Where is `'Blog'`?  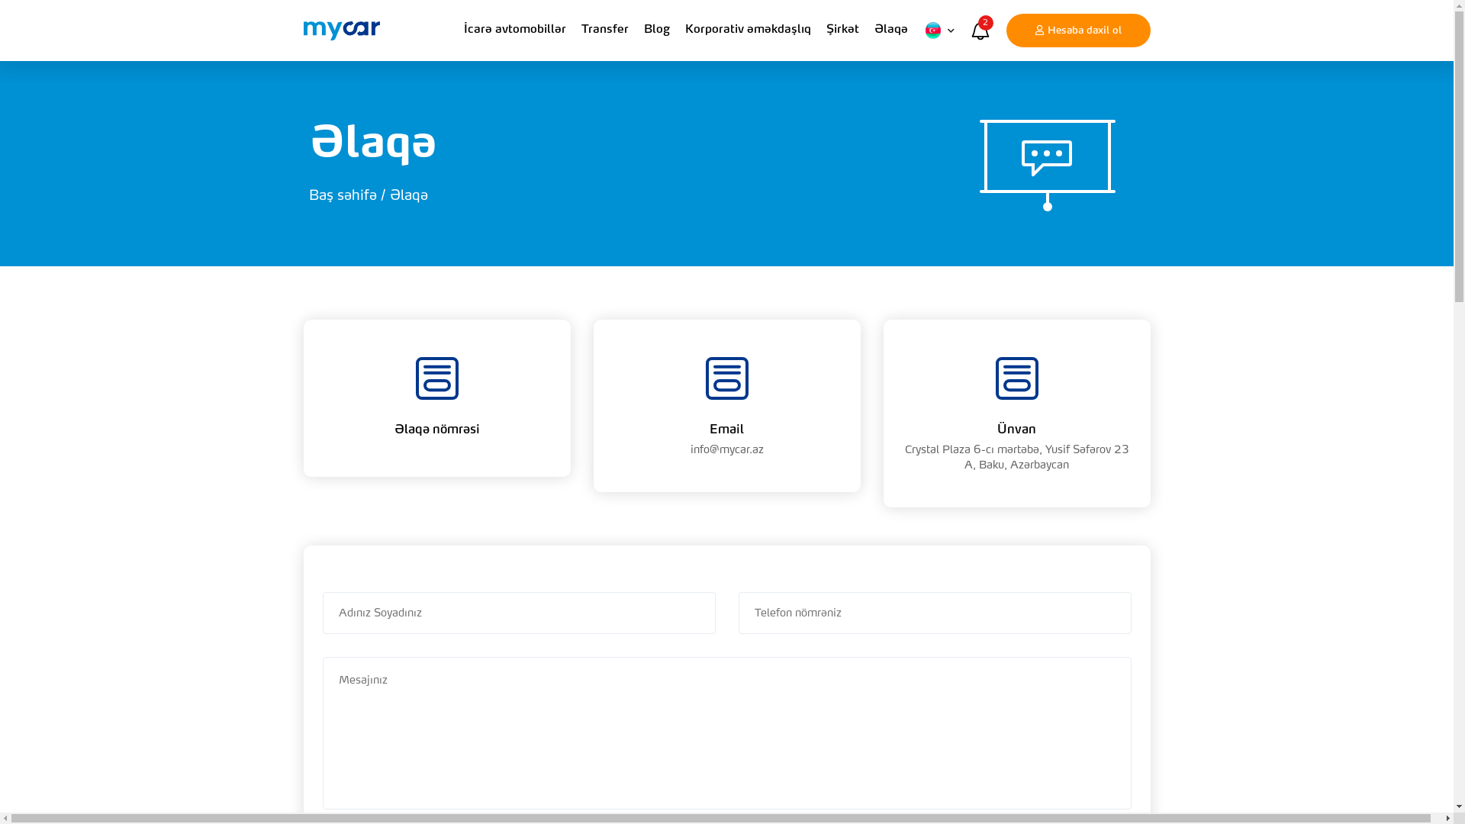 'Blog' is located at coordinates (656, 31).